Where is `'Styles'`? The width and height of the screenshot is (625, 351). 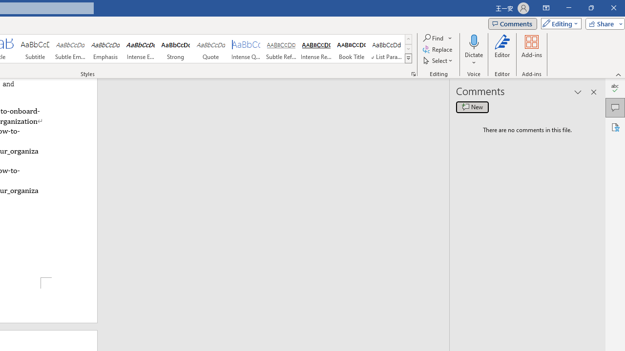
'Styles' is located at coordinates (408, 58).